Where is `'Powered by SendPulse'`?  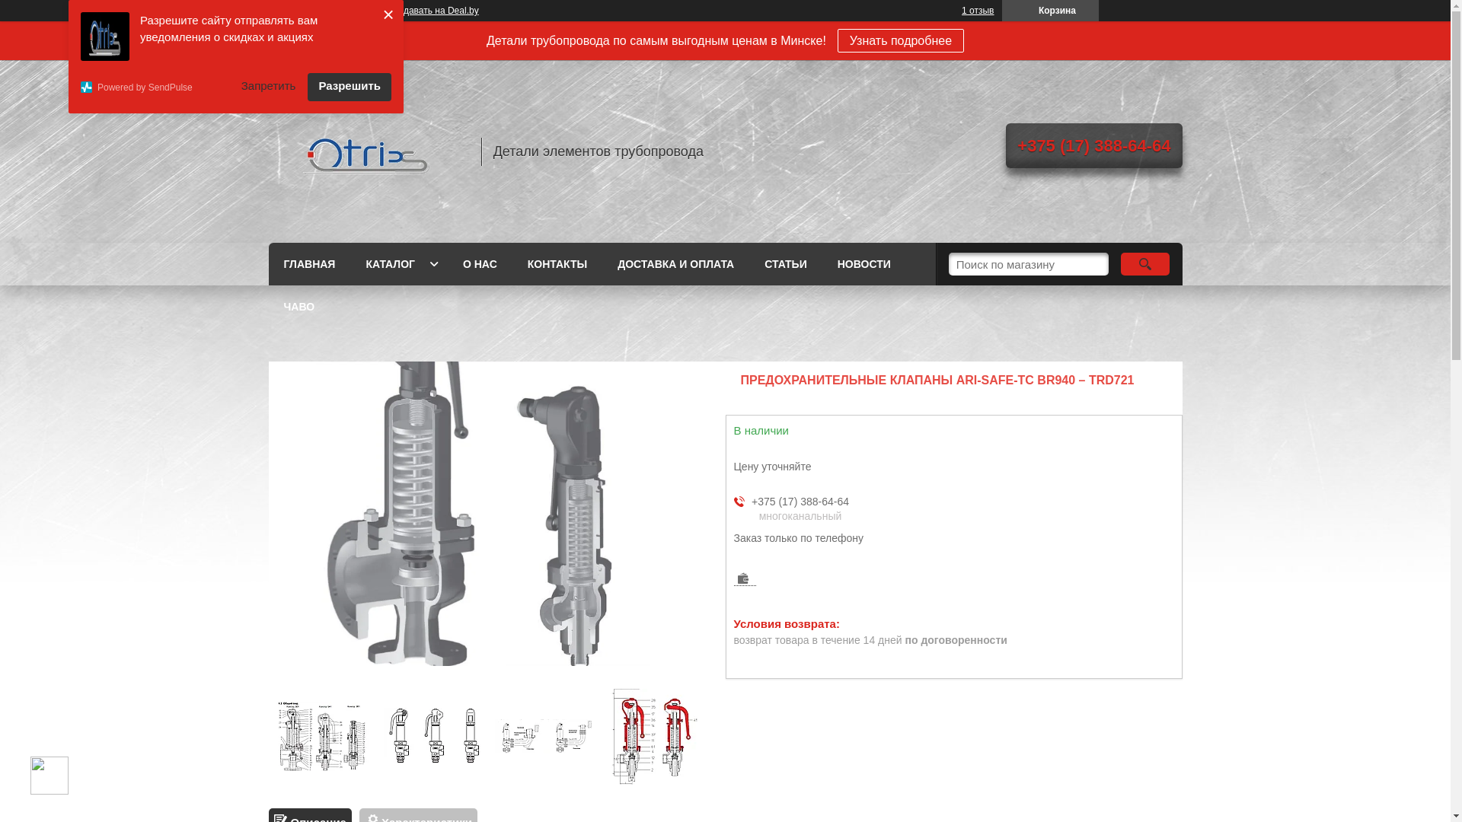
'Powered by SendPulse' is located at coordinates (155, 87).